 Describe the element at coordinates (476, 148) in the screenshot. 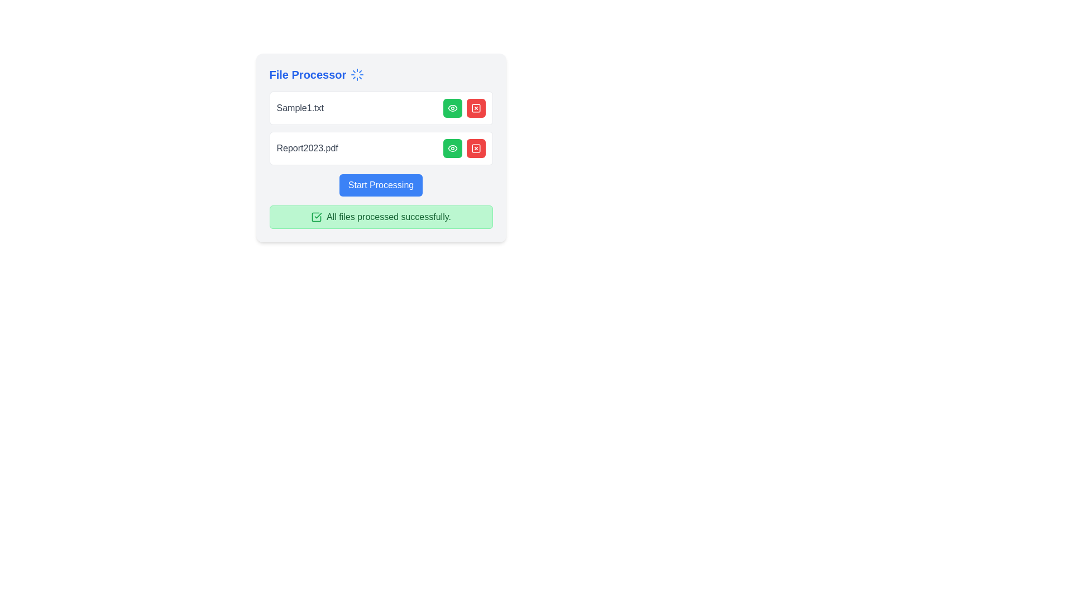

I see `the delete icon button located in the second row of the file list, associated with the file 'Report2023.pdf'` at that location.